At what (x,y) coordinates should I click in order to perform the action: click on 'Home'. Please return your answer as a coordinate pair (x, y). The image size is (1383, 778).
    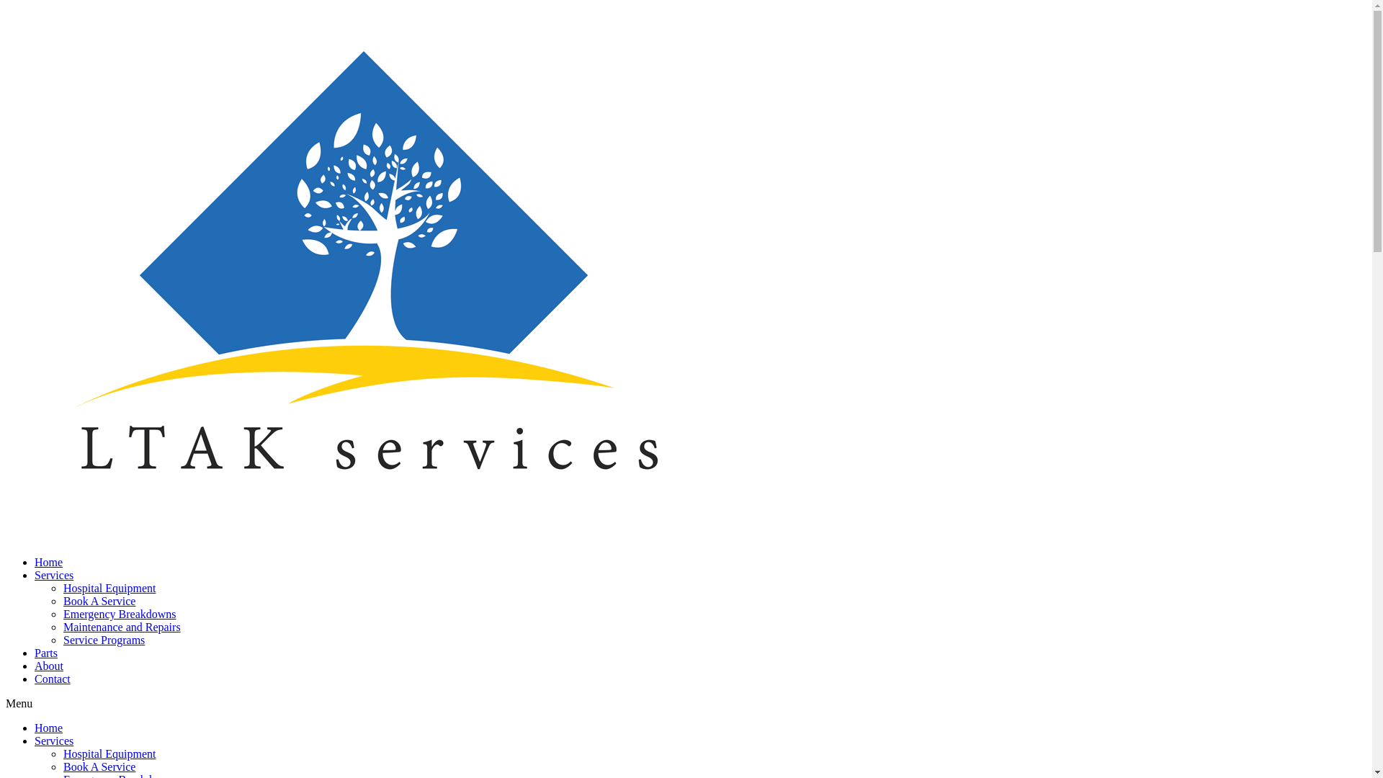
    Looking at the image, I should click on (35, 728).